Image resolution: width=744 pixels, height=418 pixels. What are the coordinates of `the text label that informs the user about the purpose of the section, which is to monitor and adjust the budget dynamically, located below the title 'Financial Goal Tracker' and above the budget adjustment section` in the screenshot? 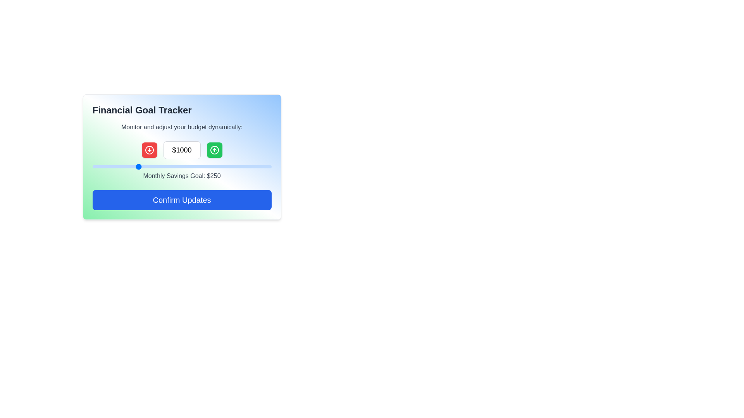 It's located at (181, 127).